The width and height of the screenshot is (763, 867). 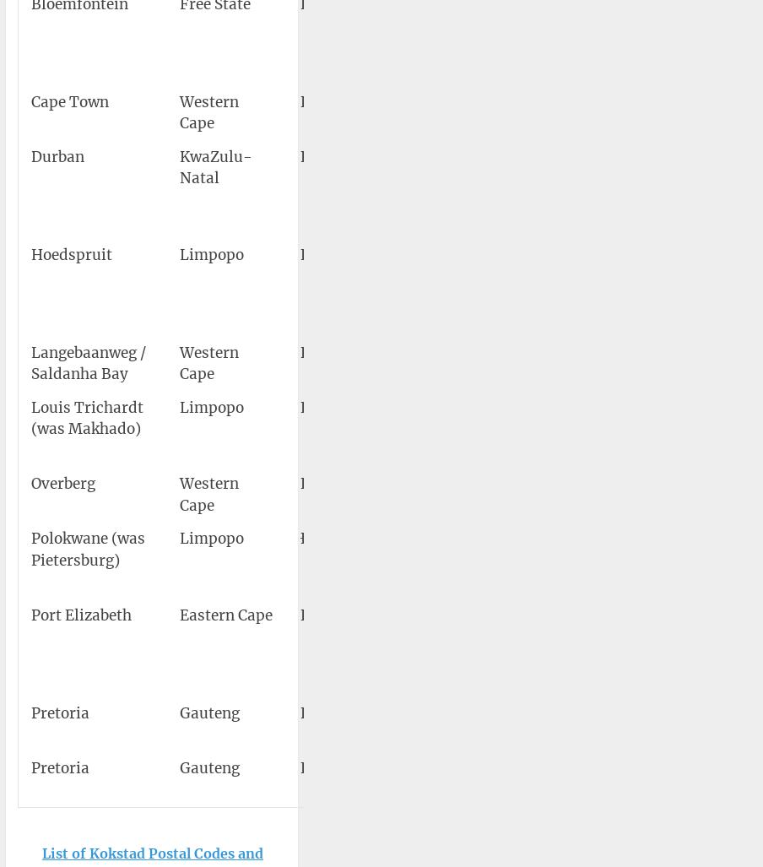 I want to click on '34°33′17″S 020°15′02″E', so click(x=632, y=494).